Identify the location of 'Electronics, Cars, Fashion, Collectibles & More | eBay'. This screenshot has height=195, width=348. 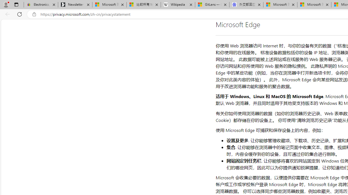
(41, 5).